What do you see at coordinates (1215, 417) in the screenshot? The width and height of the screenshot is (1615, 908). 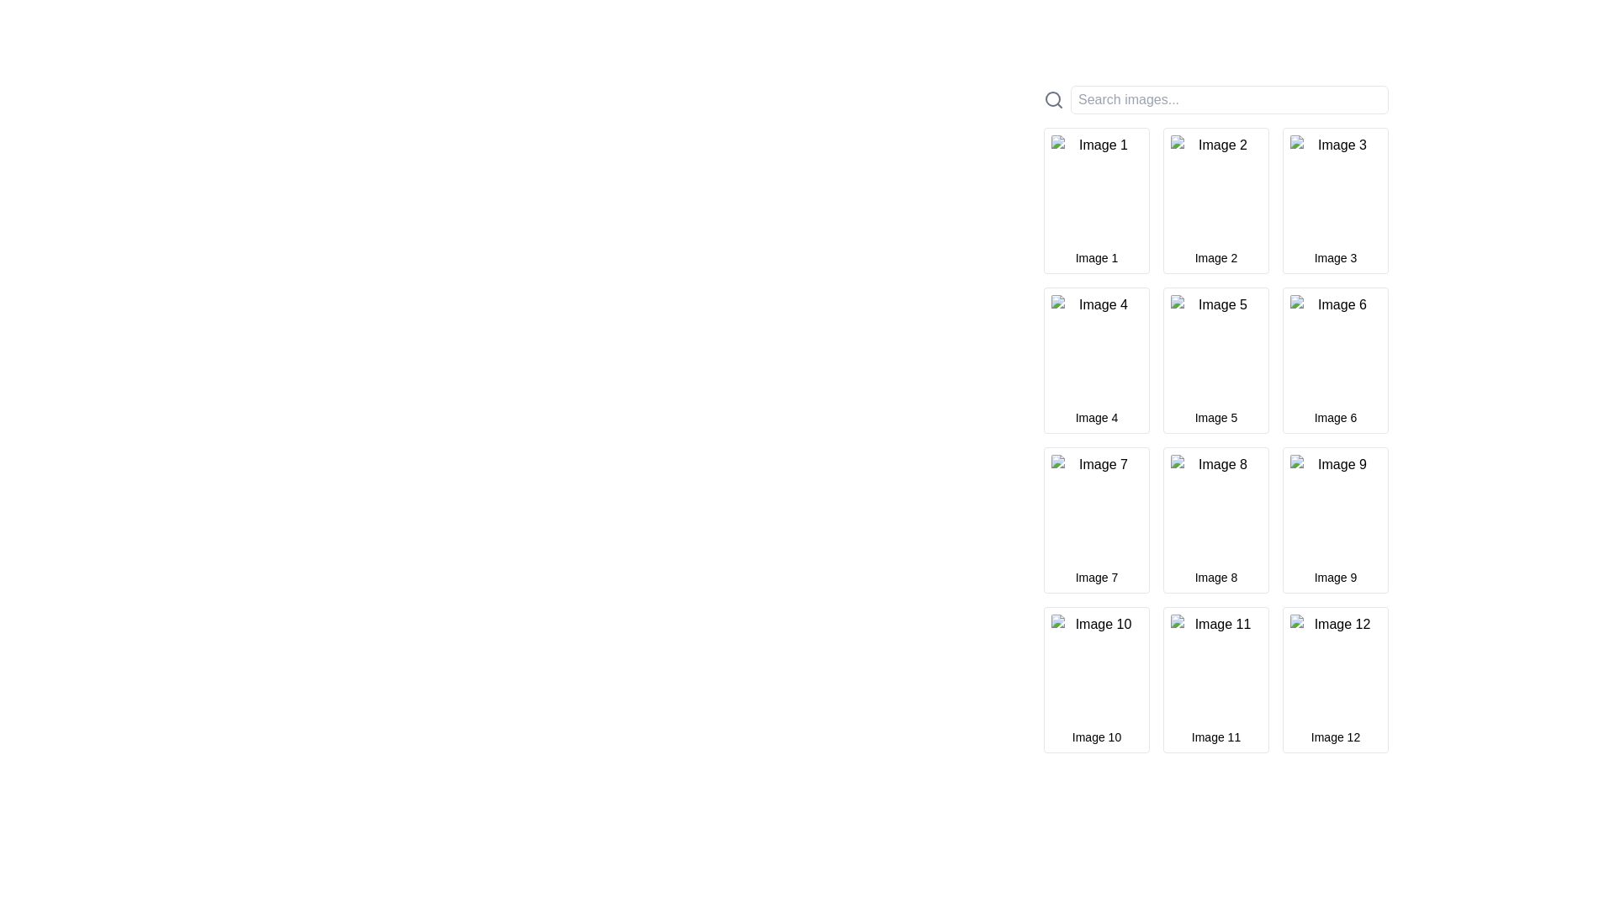 I see `the Static Text element displaying 'Image 5', which is positioned under the thumbnail image within the fifth item of the grid layout` at bounding box center [1215, 417].